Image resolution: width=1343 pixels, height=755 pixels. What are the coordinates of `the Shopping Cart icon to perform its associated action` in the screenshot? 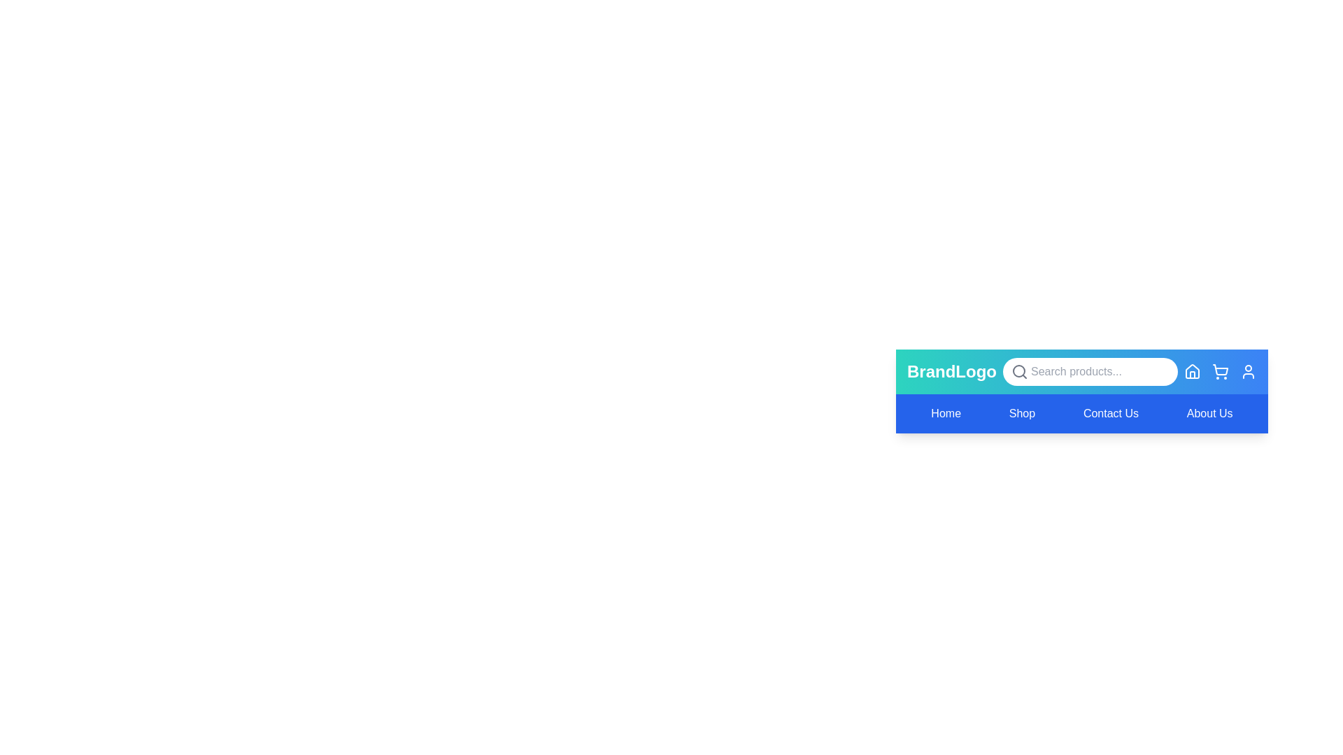 It's located at (1219, 371).